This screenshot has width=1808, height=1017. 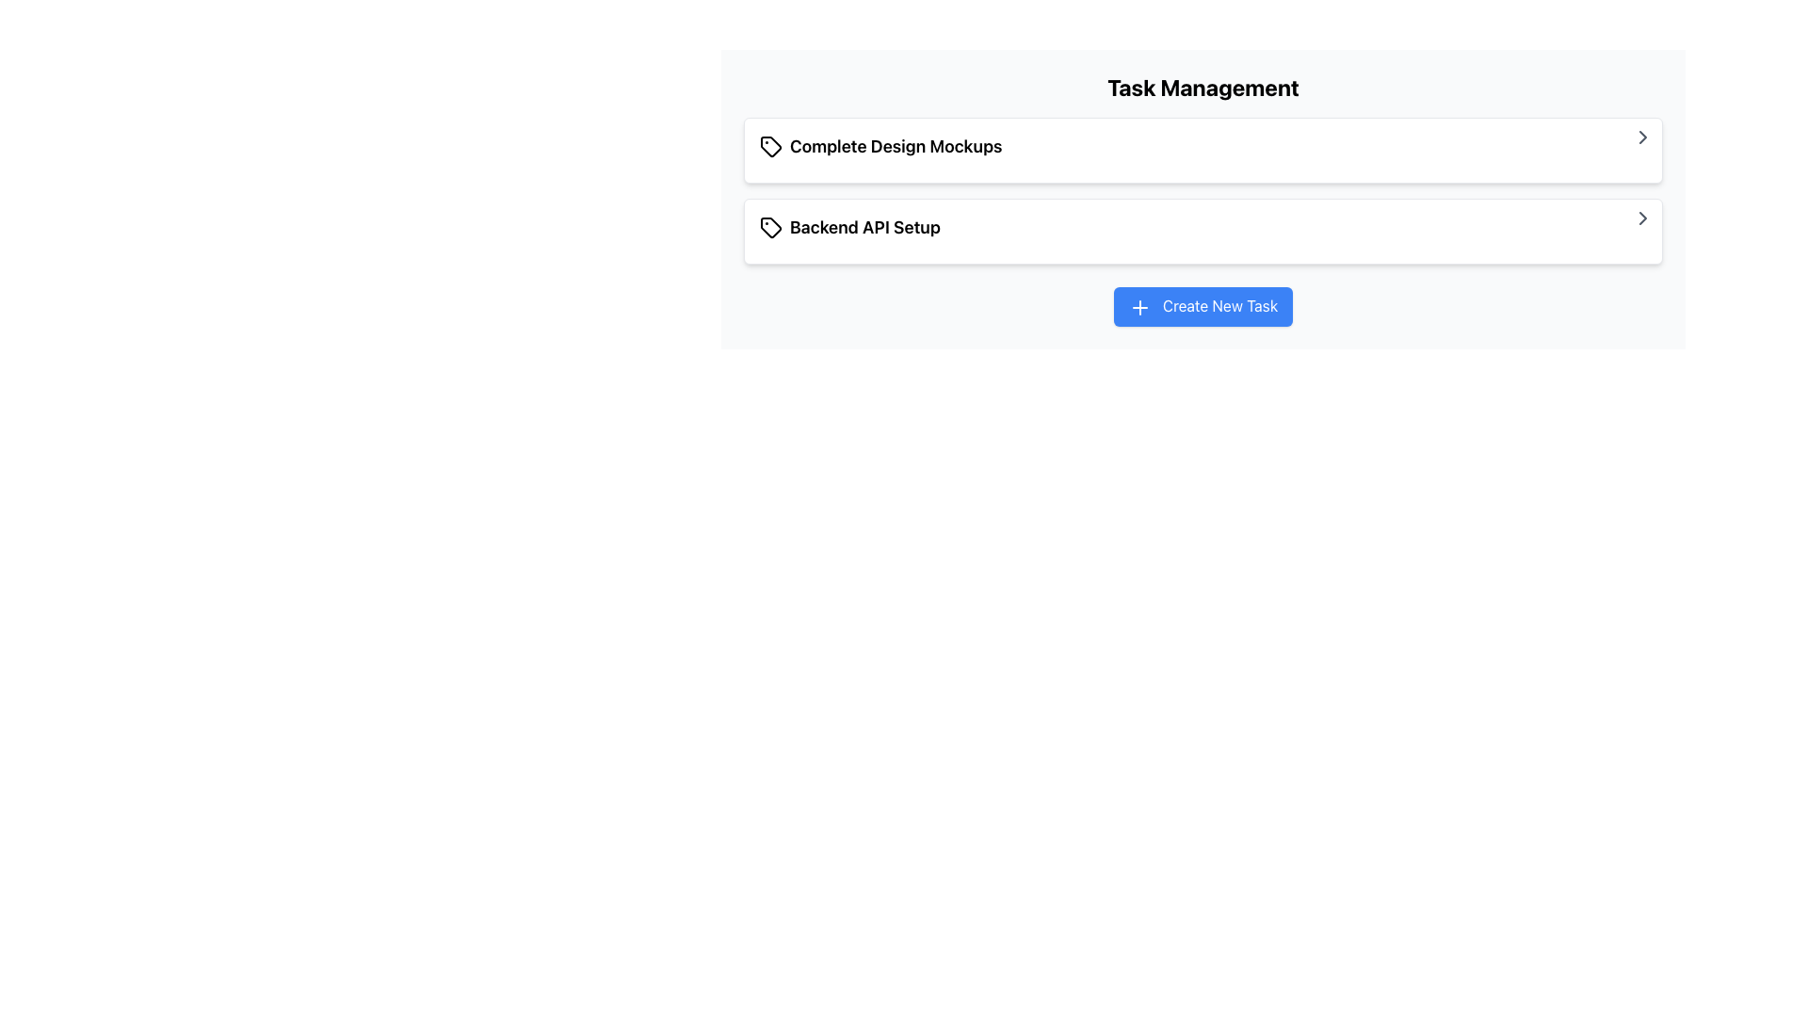 I want to click on the decorative icon representing the task 'Backend API Setup' located at the leftmost position within its row, so click(x=771, y=227).